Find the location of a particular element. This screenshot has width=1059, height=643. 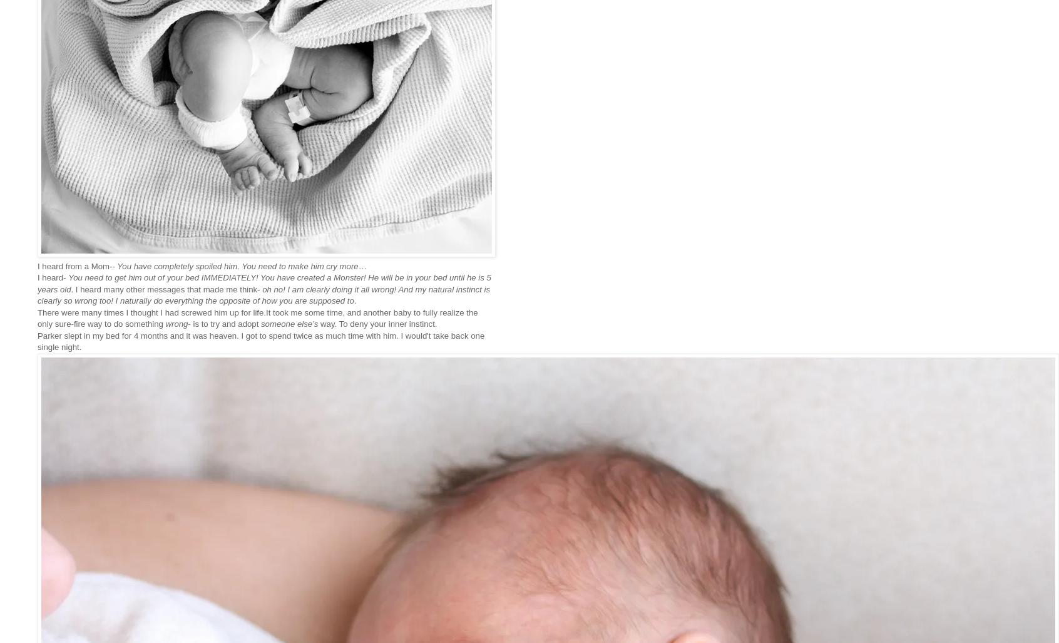

'oh no! I am clearly doing it all wrong! And my natural instinct is clearly so wrong too! I naturally do everything the opposite of how you are supposed to' is located at coordinates (263, 294).